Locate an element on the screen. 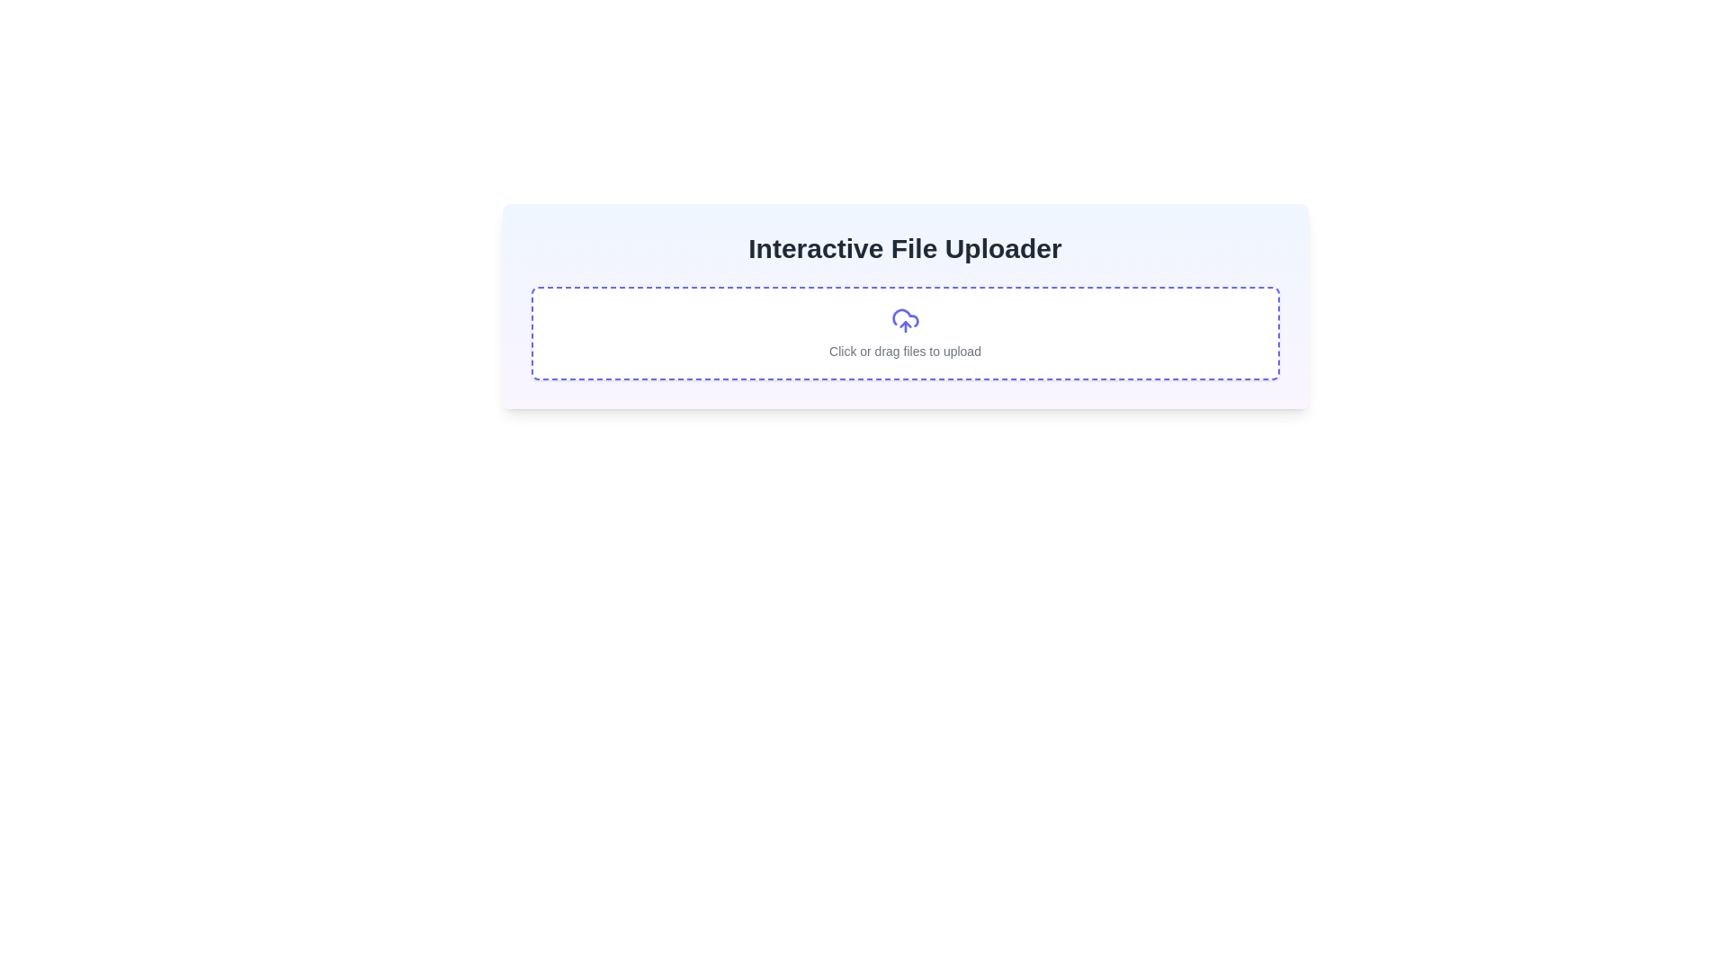 The width and height of the screenshot is (1727, 971). the clickable file upload area with a dashed indigo border and white background is located at coordinates (905, 333).